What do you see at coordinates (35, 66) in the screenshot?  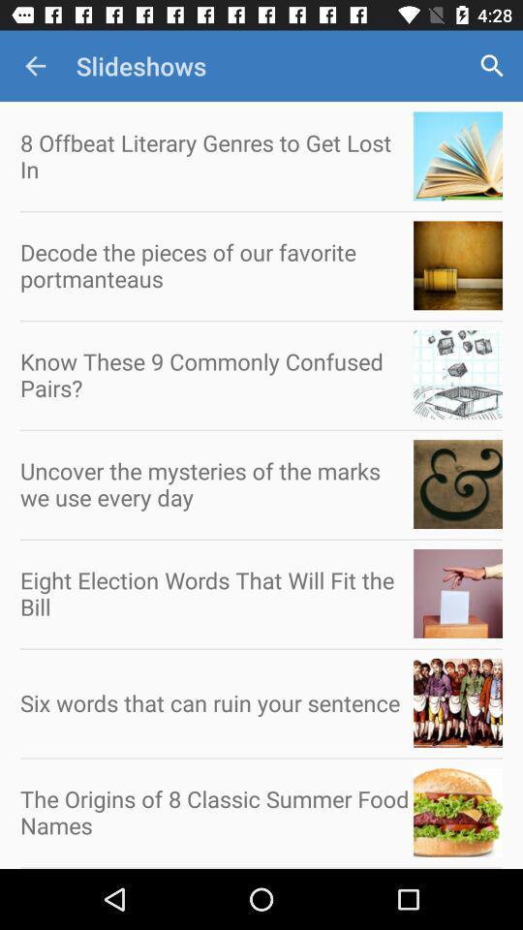 I see `app next to the slideshows item` at bounding box center [35, 66].